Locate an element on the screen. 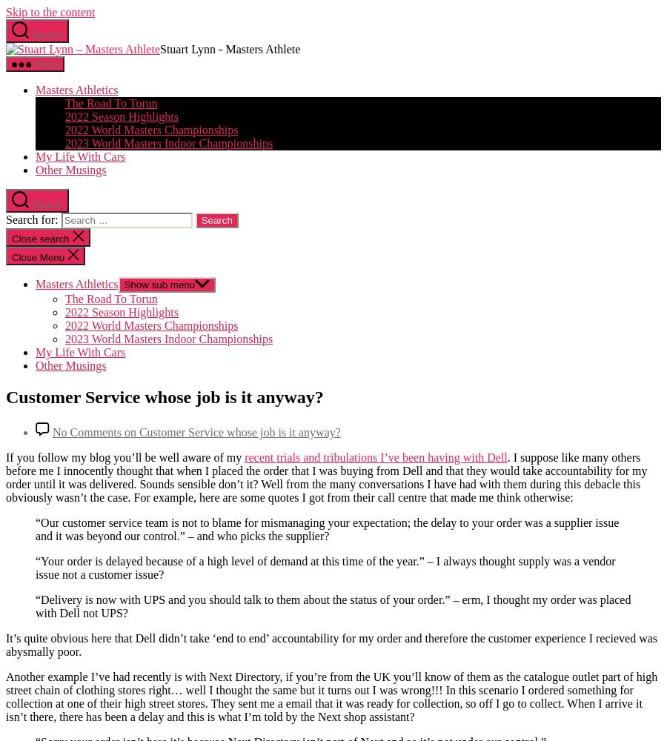 The width and height of the screenshot is (667, 741). 'on Customer Service whose job is it anyway?' is located at coordinates (230, 431).